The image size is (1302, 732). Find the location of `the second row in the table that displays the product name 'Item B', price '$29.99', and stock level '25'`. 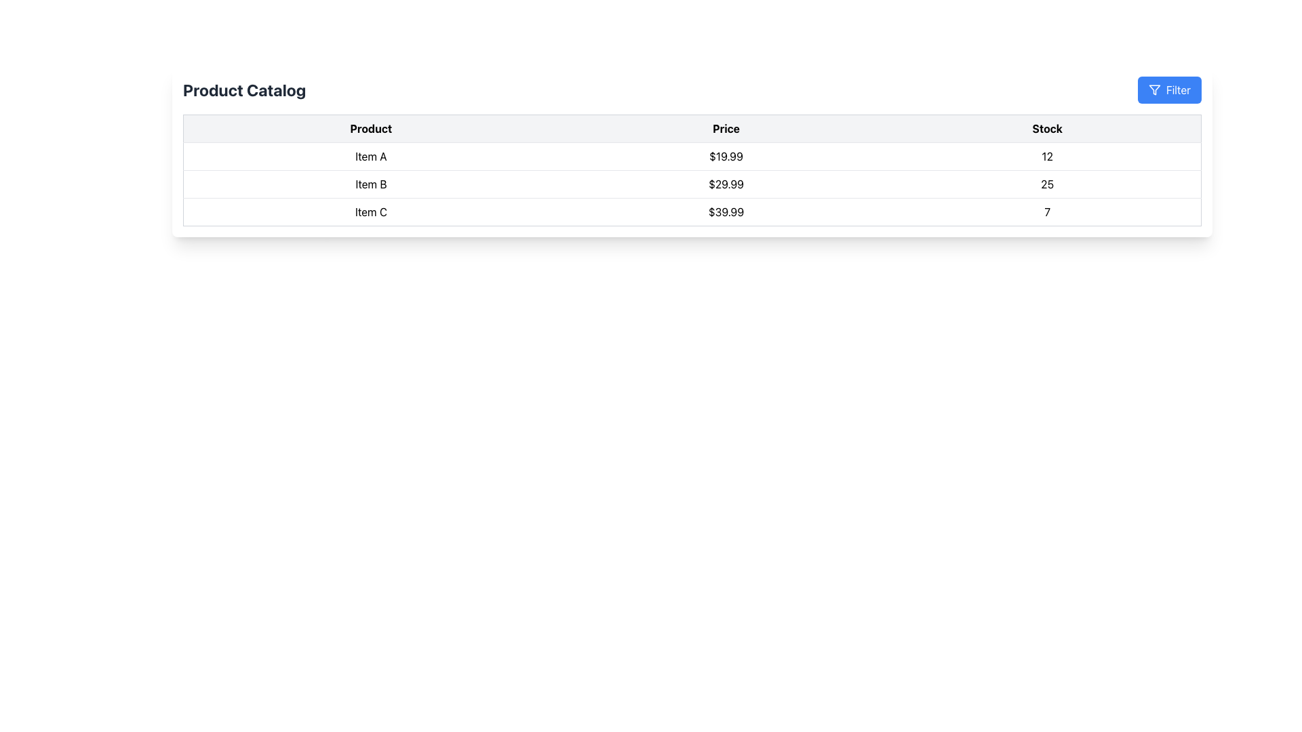

the second row in the table that displays the product name 'Item B', price '$29.99', and stock level '25' is located at coordinates (692, 184).